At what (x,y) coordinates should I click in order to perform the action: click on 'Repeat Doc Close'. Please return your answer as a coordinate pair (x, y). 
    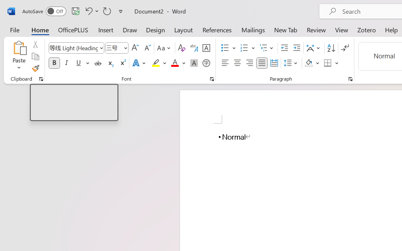
    Looking at the image, I should click on (107, 11).